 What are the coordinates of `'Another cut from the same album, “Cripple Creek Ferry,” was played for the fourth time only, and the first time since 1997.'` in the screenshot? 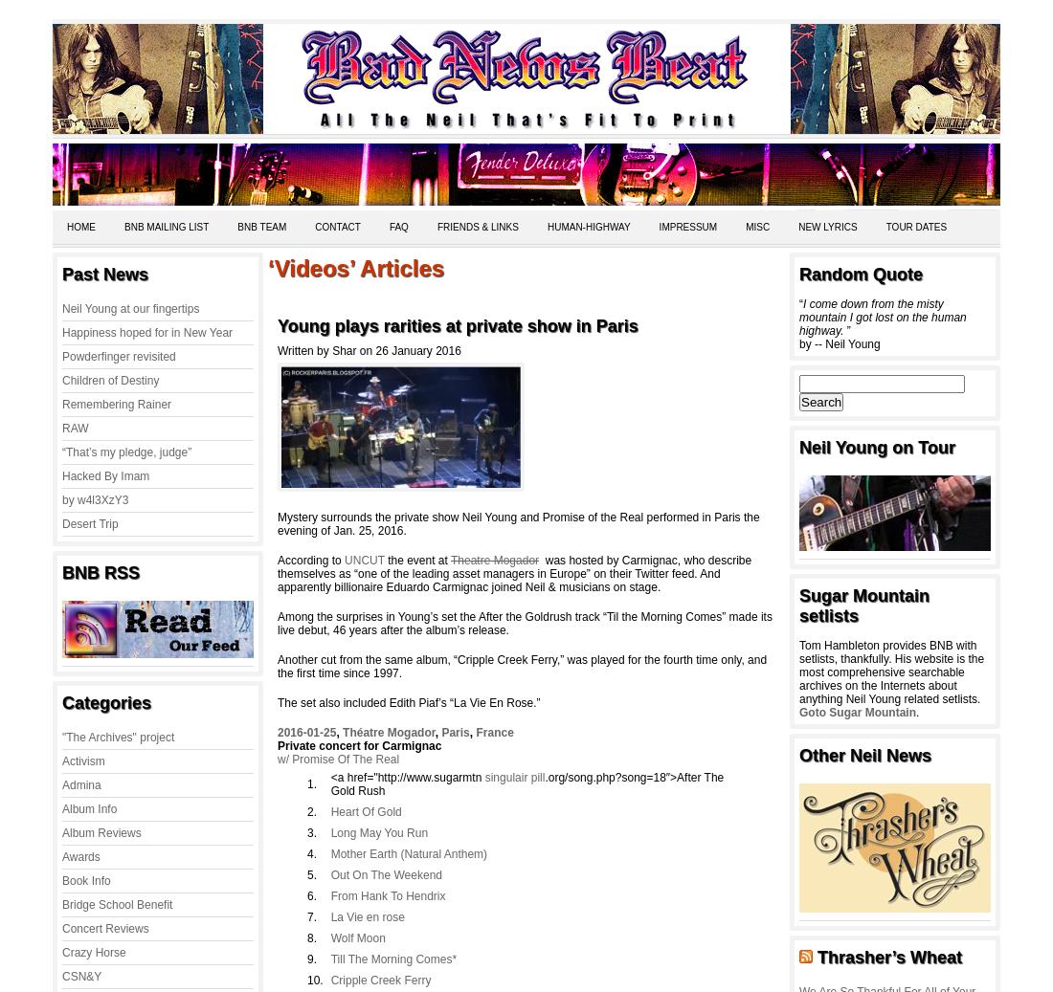 It's located at (522, 666).